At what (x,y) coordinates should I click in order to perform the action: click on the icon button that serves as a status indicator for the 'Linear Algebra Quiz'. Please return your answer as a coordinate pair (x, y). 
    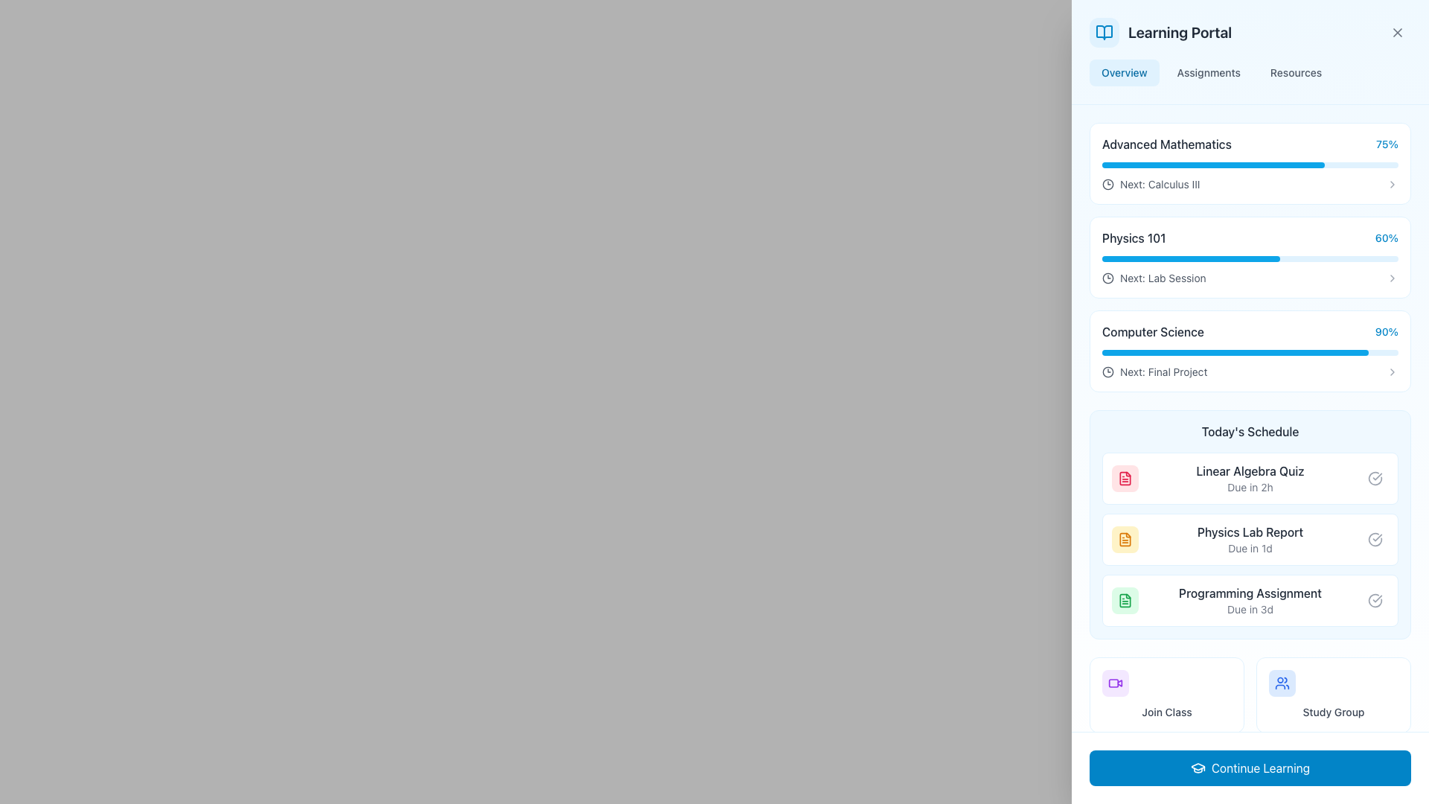
    Looking at the image, I should click on (1375, 479).